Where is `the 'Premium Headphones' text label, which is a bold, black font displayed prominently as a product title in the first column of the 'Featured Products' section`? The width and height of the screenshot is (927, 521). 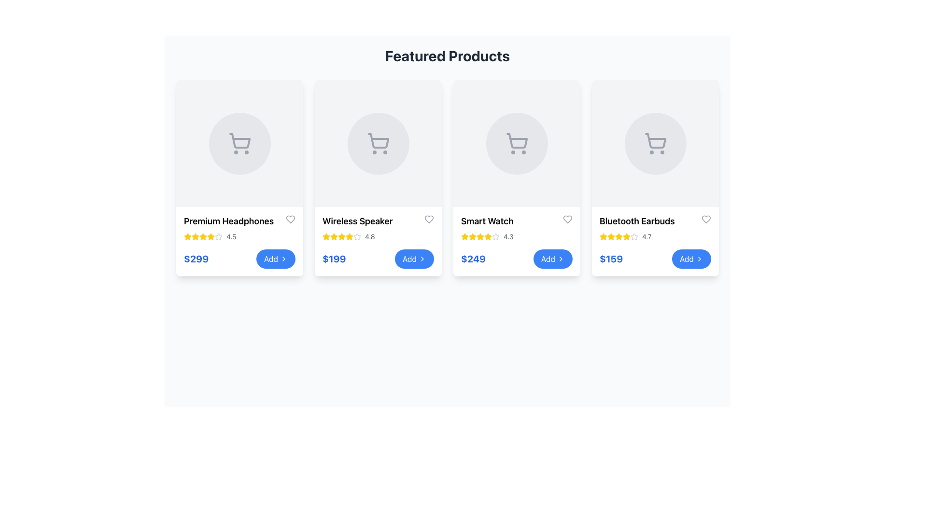 the 'Premium Headphones' text label, which is a bold, black font displayed prominently as a product title in the first column of the 'Featured Products' section is located at coordinates (228, 221).